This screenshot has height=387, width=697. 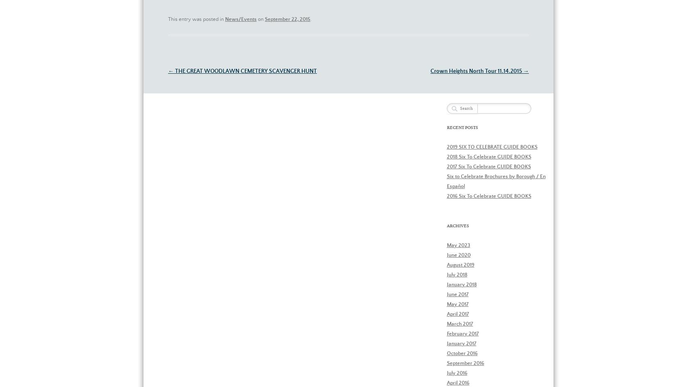 What do you see at coordinates (446, 304) in the screenshot?
I see `'May 2017'` at bounding box center [446, 304].